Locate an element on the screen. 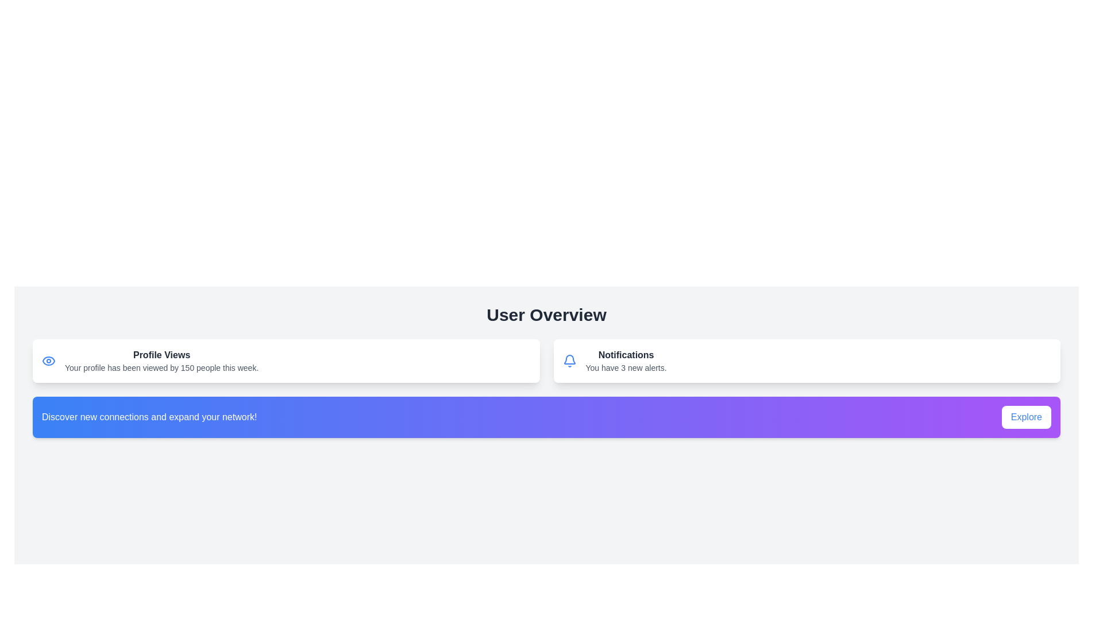  the text label reading 'Discover new connections and expand your network!' which is displayed in a bold, white font on a vibrant blue-to-purple gradient background is located at coordinates (149, 417).